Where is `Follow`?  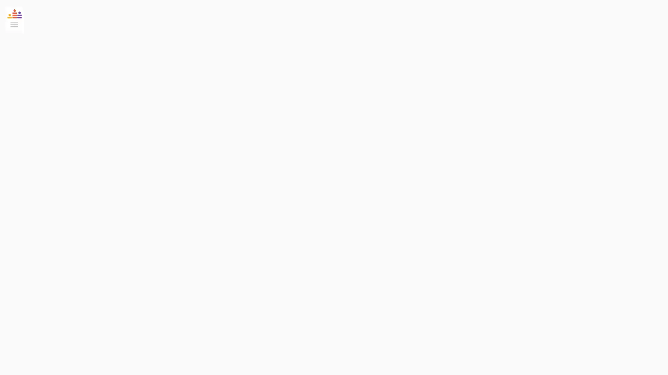 Follow is located at coordinates (460, 122).